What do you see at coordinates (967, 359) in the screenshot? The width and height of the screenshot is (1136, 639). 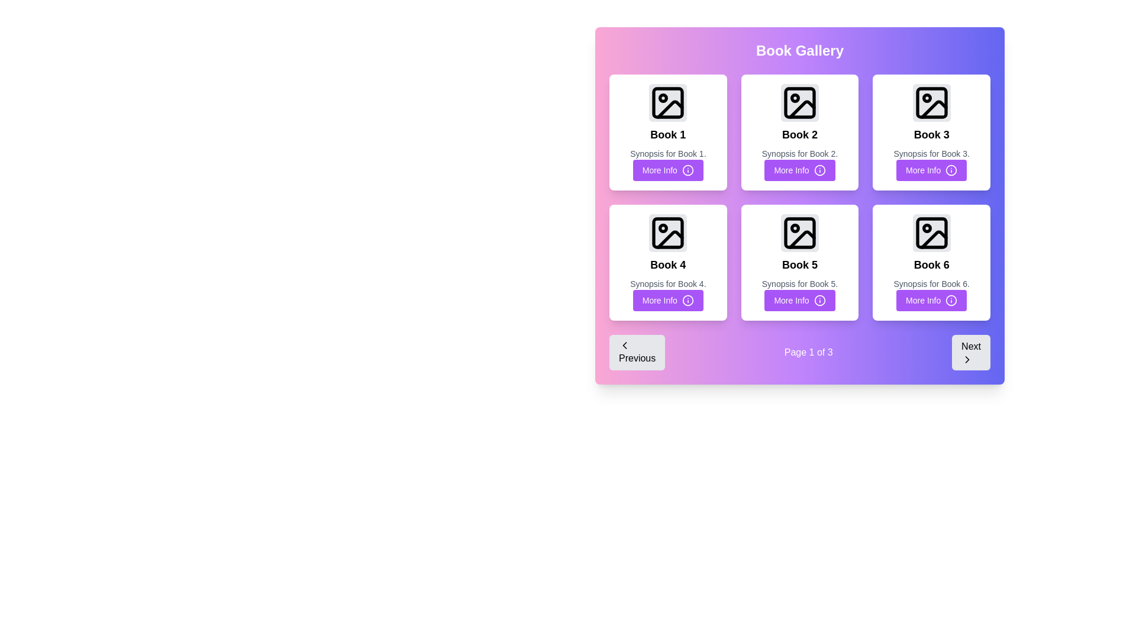 I see `the 'Next' button containing the arrow icon to navigate to the next page of the gallery or list interface` at bounding box center [967, 359].